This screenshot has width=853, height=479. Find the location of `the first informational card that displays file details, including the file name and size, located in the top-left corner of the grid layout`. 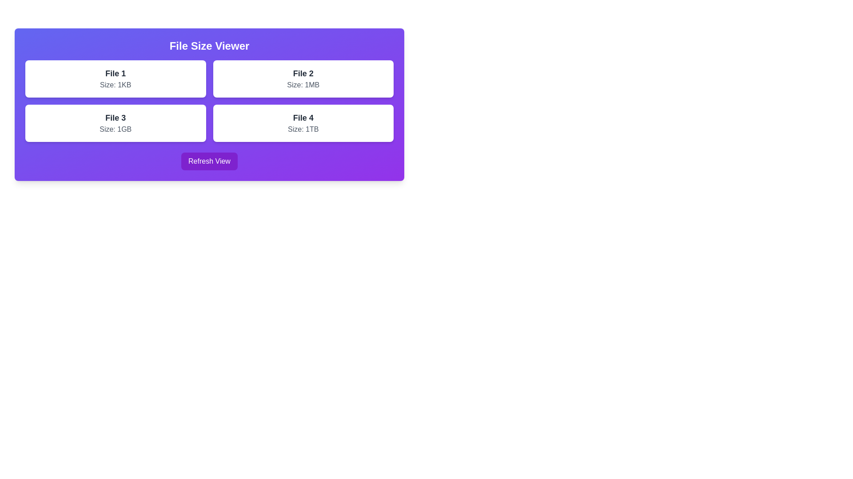

the first informational card that displays file details, including the file name and size, located in the top-left corner of the grid layout is located at coordinates (115, 78).